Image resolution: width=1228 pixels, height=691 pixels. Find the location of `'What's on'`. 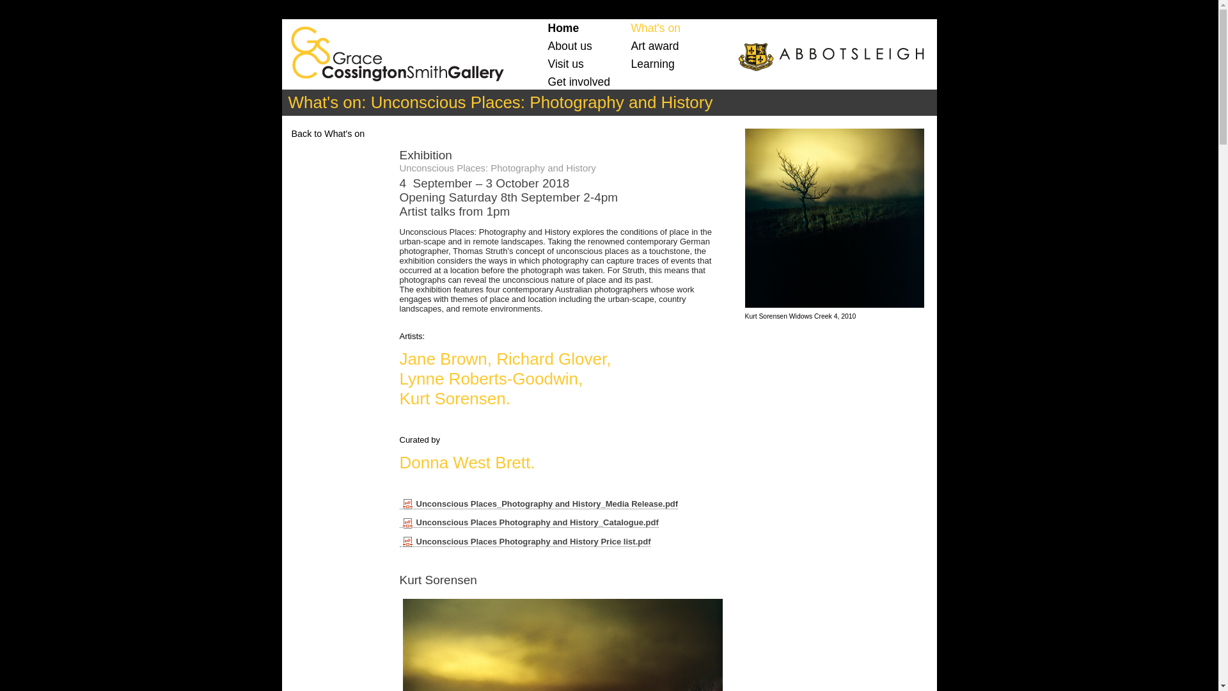

'What's on' is located at coordinates (630, 28).